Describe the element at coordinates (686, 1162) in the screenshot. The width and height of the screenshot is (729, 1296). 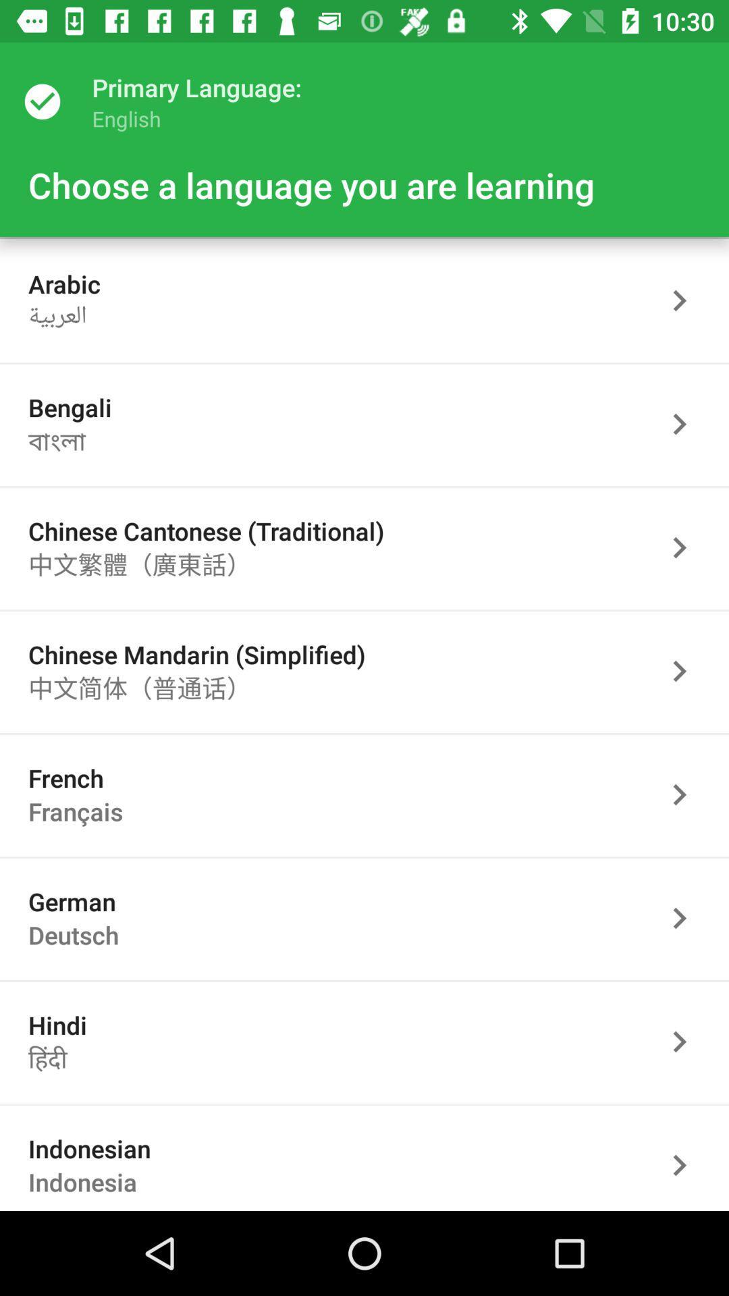
I see `language button` at that location.